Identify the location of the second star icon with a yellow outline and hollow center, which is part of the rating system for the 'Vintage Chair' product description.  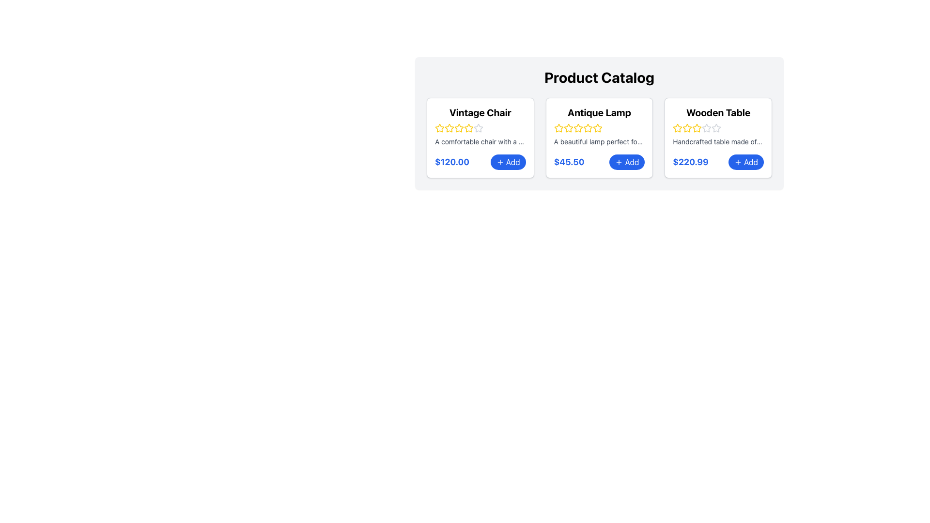
(449, 128).